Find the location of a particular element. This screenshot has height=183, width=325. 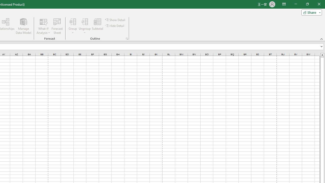

'Group and Outline Settings' is located at coordinates (127, 38).